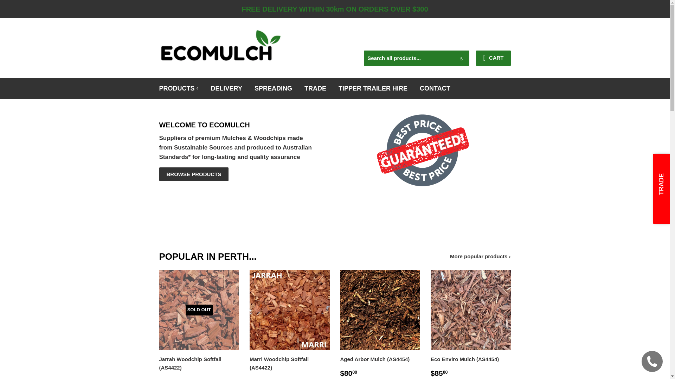 Image resolution: width=675 pixels, height=379 pixels. What do you see at coordinates (461, 58) in the screenshot?
I see `'Search'` at bounding box center [461, 58].